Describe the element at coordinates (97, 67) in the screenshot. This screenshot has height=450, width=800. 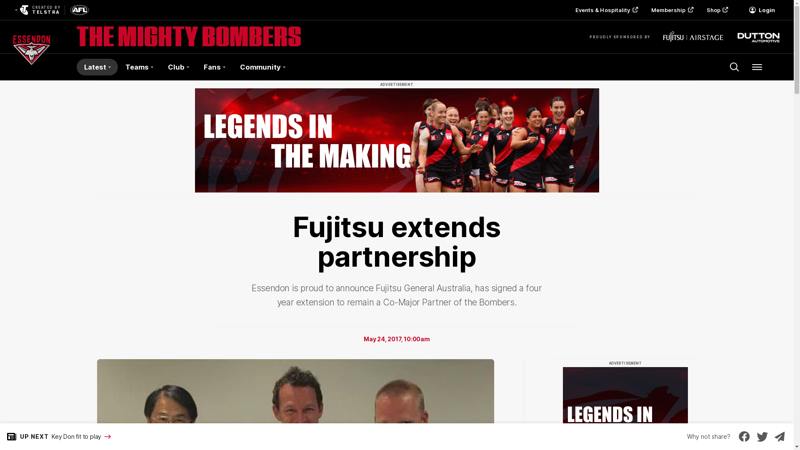
I see `'Latest'` at that location.